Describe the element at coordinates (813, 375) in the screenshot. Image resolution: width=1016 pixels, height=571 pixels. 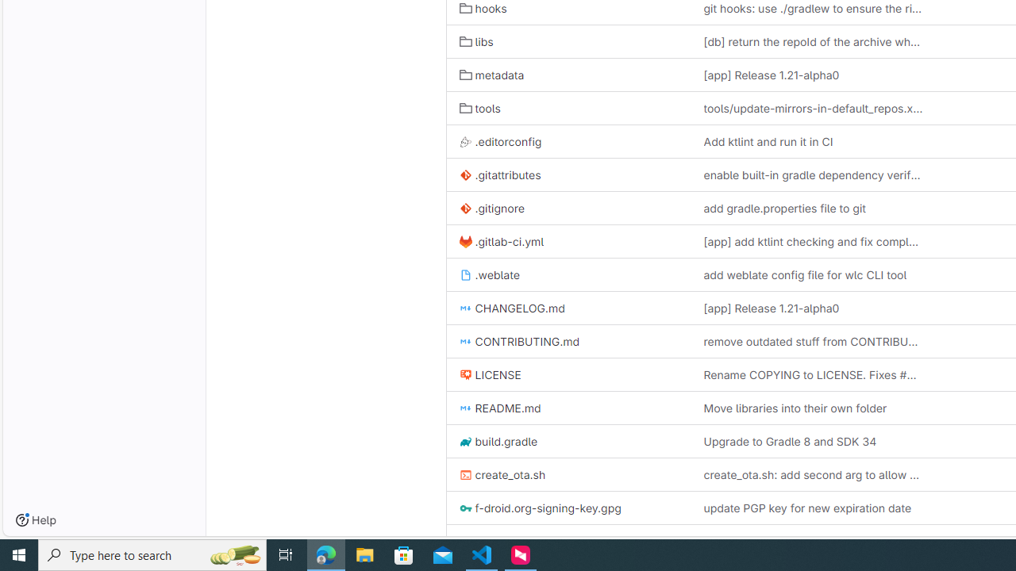
I see `'Rename COPYING to LICENSE. Fixes #384'` at that location.